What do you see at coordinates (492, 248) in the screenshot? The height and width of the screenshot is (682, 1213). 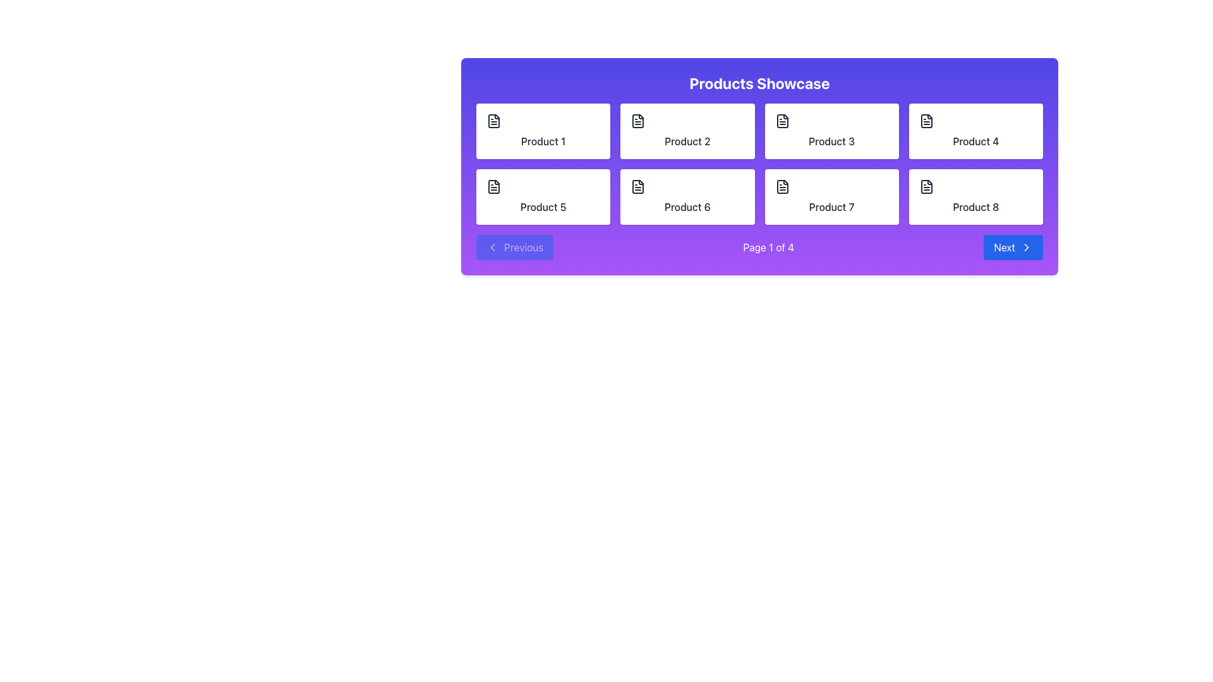 I see `the 'Previous' button which contains the left chevron icon, located at the bottom left corner of the product showcase card` at bounding box center [492, 248].